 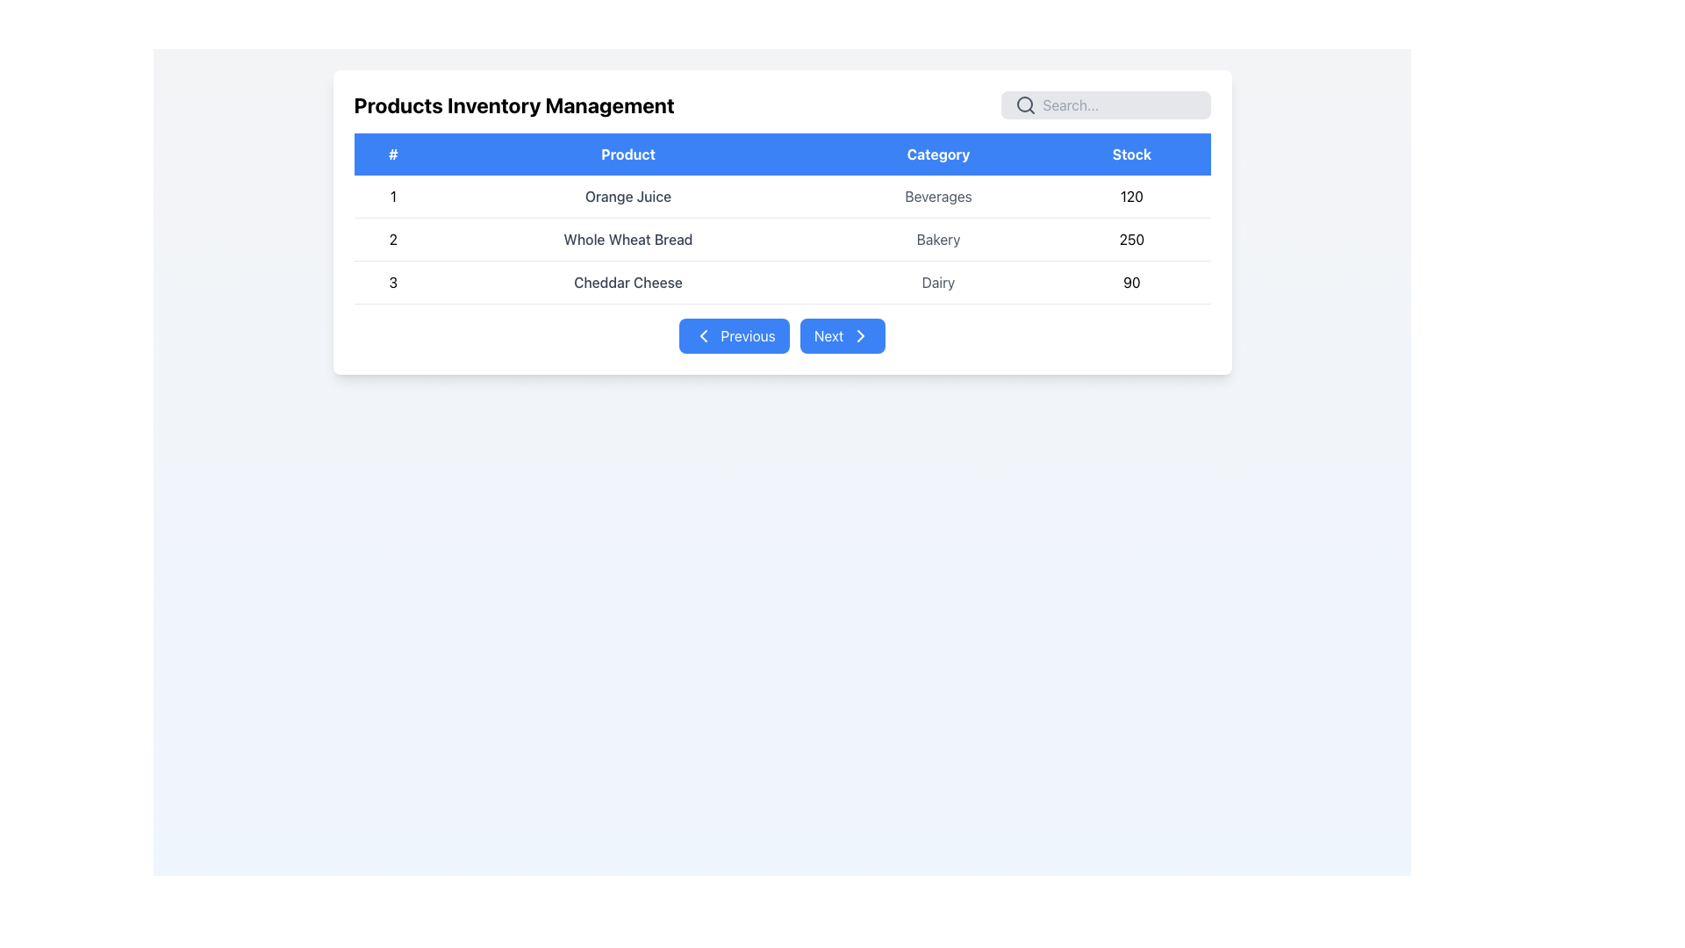 What do you see at coordinates (734, 335) in the screenshot?
I see `the blue 'Previous' button with a leftward-pointing chevron icon` at bounding box center [734, 335].